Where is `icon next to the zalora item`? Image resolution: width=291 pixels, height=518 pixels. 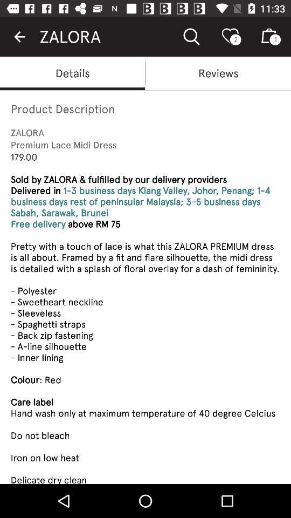 icon next to the zalora item is located at coordinates (19, 37).